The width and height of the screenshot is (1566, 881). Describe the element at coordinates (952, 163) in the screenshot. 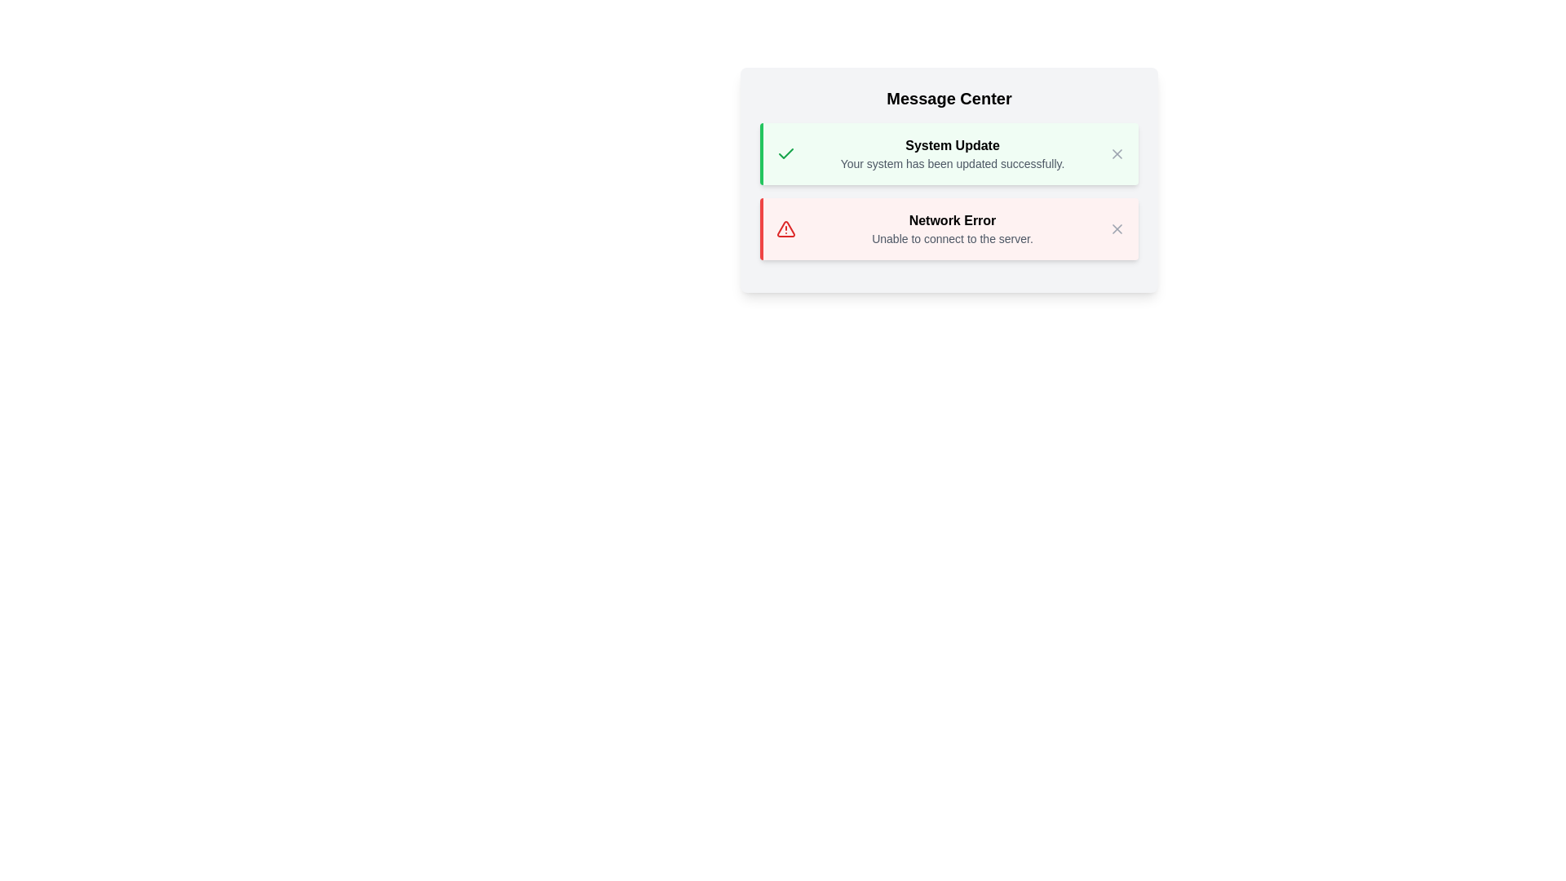

I see `the gray text label that reads 'Your system has been updated successfully.' located directly below the bold header 'System Update' in the notification card` at that location.